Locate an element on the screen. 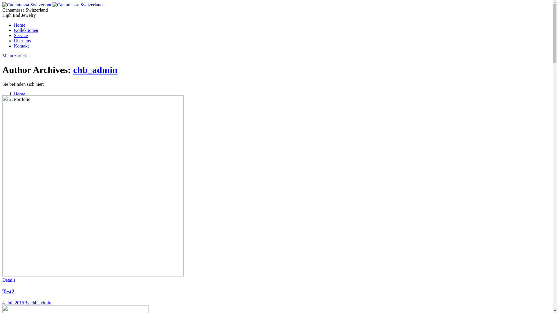 The height and width of the screenshot is (313, 557). 'Details' is located at coordinates (9, 280).